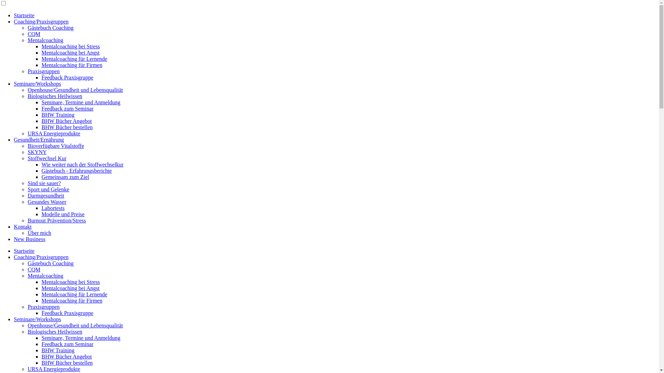 This screenshot has width=664, height=373. I want to click on 'Startseite', so click(13, 15).